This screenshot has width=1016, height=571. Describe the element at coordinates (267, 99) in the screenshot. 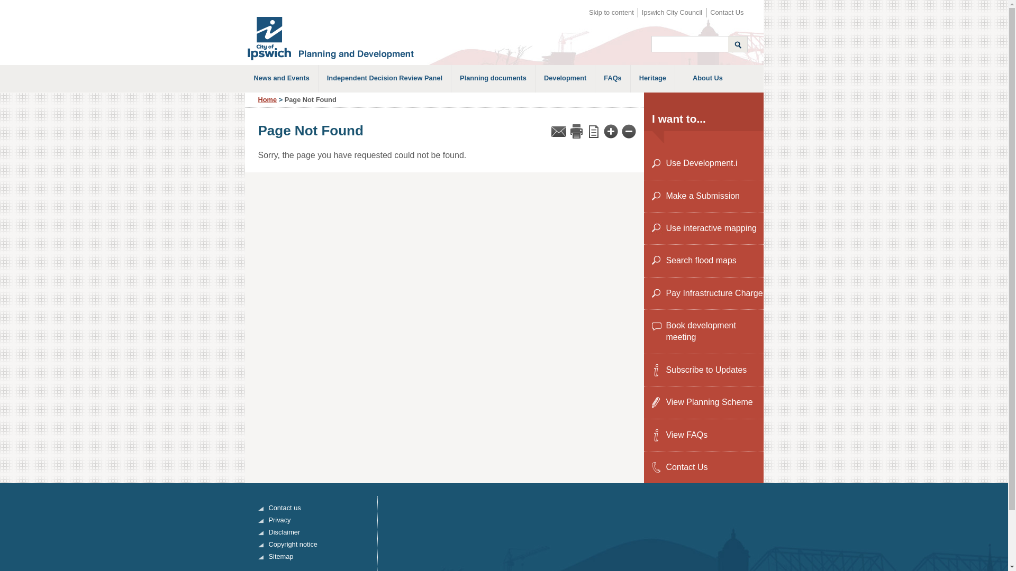

I see `'Home'` at that location.